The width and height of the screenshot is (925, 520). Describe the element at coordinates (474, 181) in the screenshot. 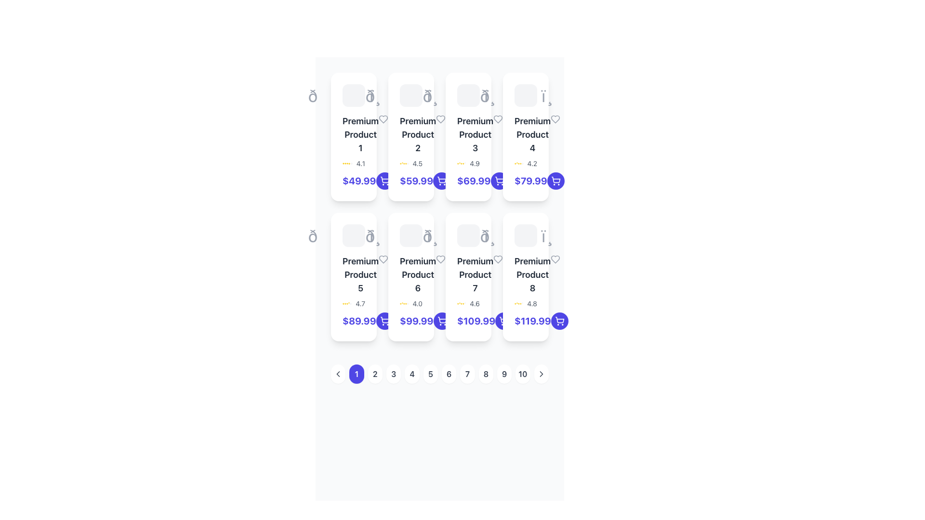

I see `the displayed price '$69.99' in the bold, indigo-colored font located beneath the product name 'Premium Product 3' in the third product card of the top row` at that location.